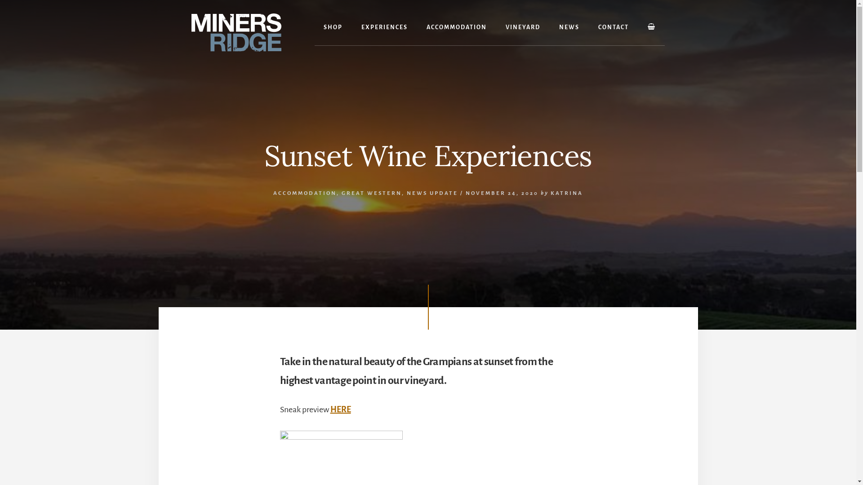 This screenshot has width=863, height=485. Describe the element at coordinates (457, 27) in the screenshot. I see `'ACCOMMODATION'` at that location.